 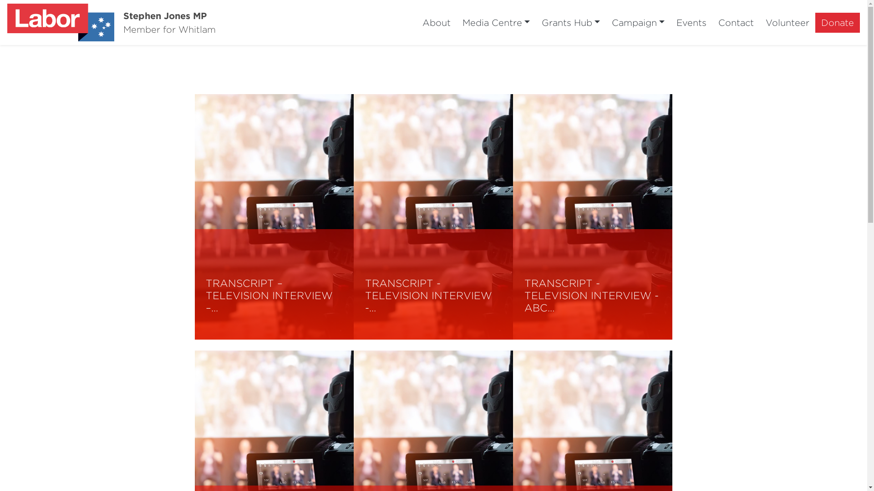 What do you see at coordinates (570, 22) in the screenshot?
I see `'Grants Hub'` at bounding box center [570, 22].